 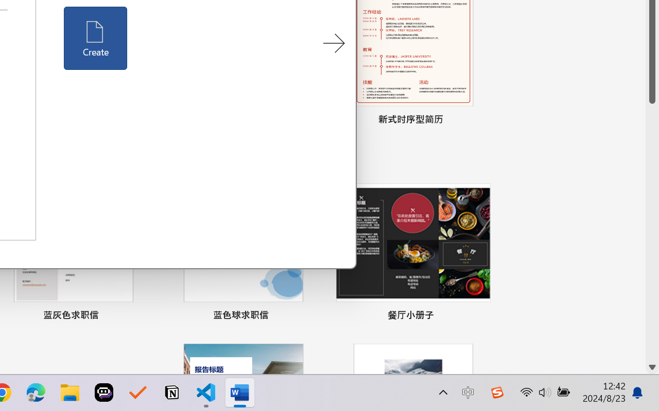 I want to click on 'Next Template', so click(x=334, y=44).